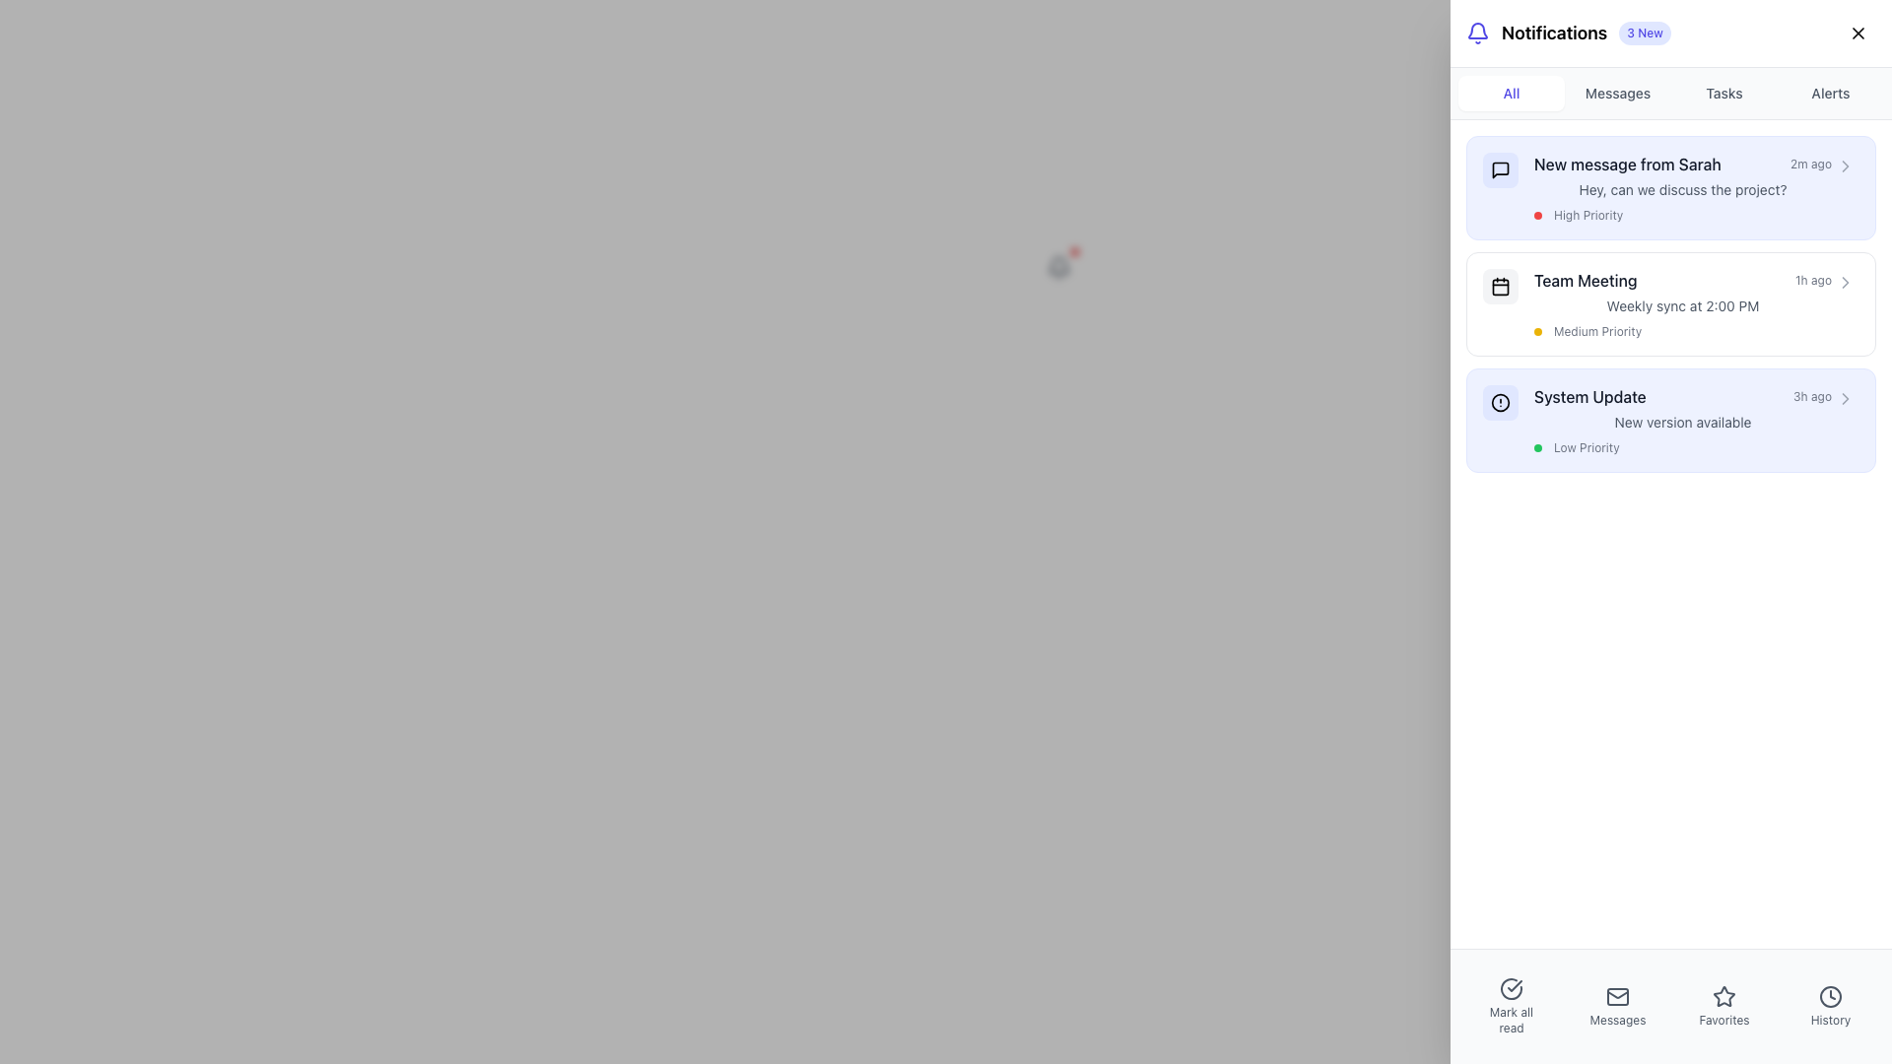  What do you see at coordinates (1844, 399) in the screenshot?
I see `the SVG icon button resembling a rightward chevron located at the far-right side of the 'System Update' notification item that indicates navigation or expansion` at bounding box center [1844, 399].